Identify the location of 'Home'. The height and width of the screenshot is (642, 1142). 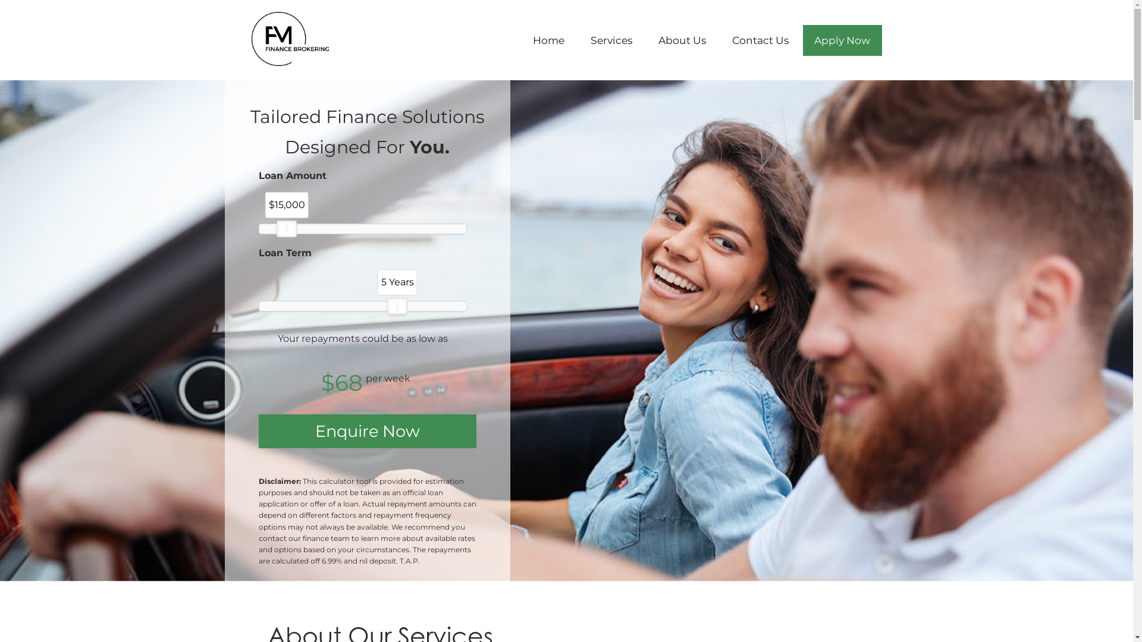
(548, 40).